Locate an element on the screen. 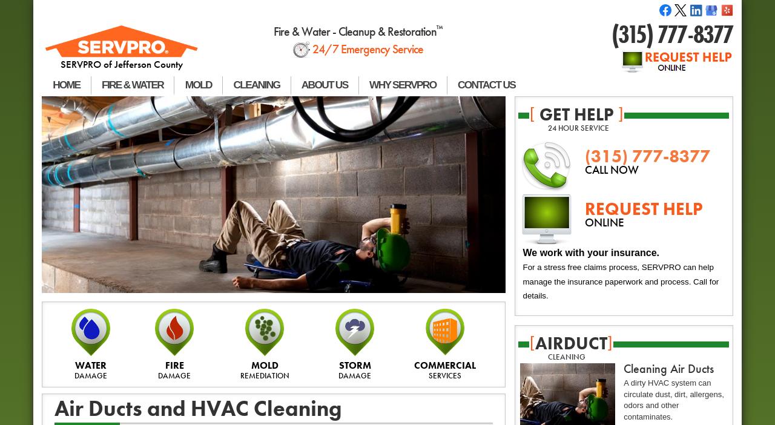 This screenshot has width=775, height=425. 'We work with your insurance.' is located at coordinates (591, 251).